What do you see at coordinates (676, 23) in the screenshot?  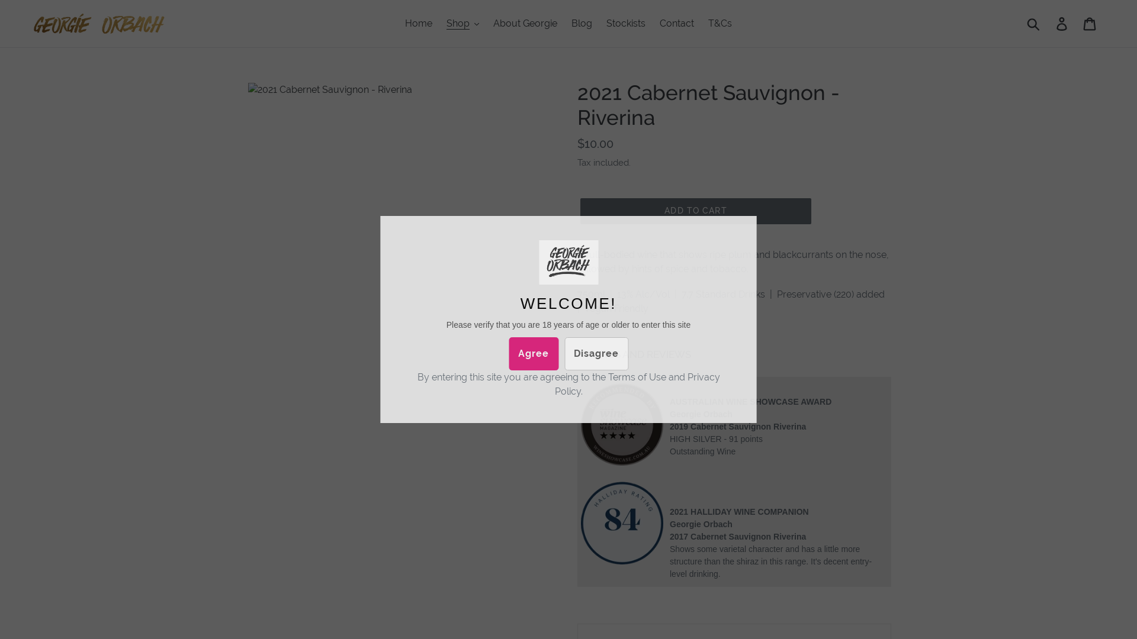 I see `'Contact'` at bounding box center [676, 23].